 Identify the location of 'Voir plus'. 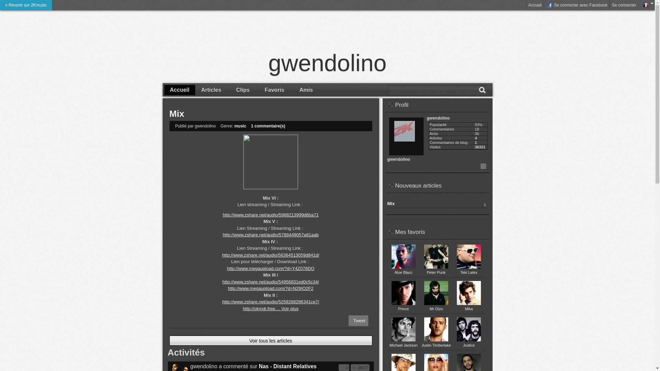
(290, 308).